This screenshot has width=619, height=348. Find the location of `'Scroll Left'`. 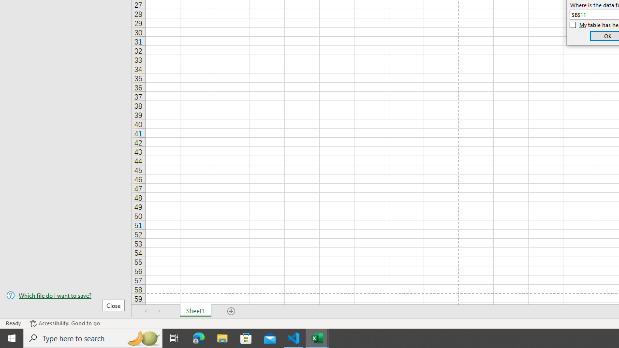

'Scroll Left' is located at coordinates (146, 311).